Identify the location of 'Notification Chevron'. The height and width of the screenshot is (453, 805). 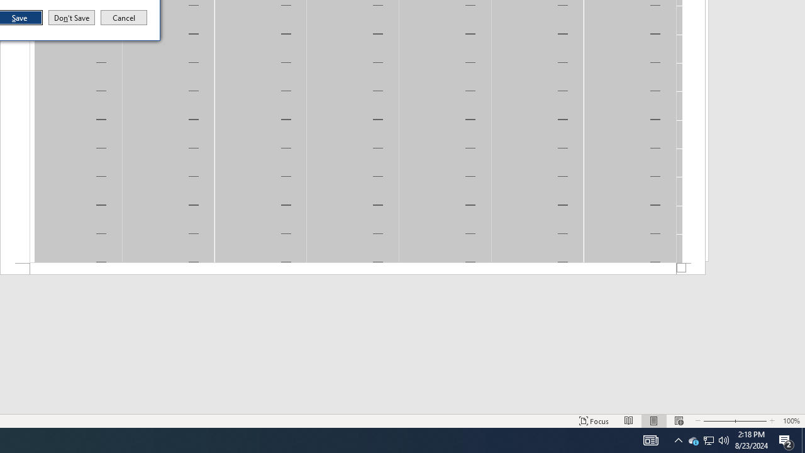
(692, 439).